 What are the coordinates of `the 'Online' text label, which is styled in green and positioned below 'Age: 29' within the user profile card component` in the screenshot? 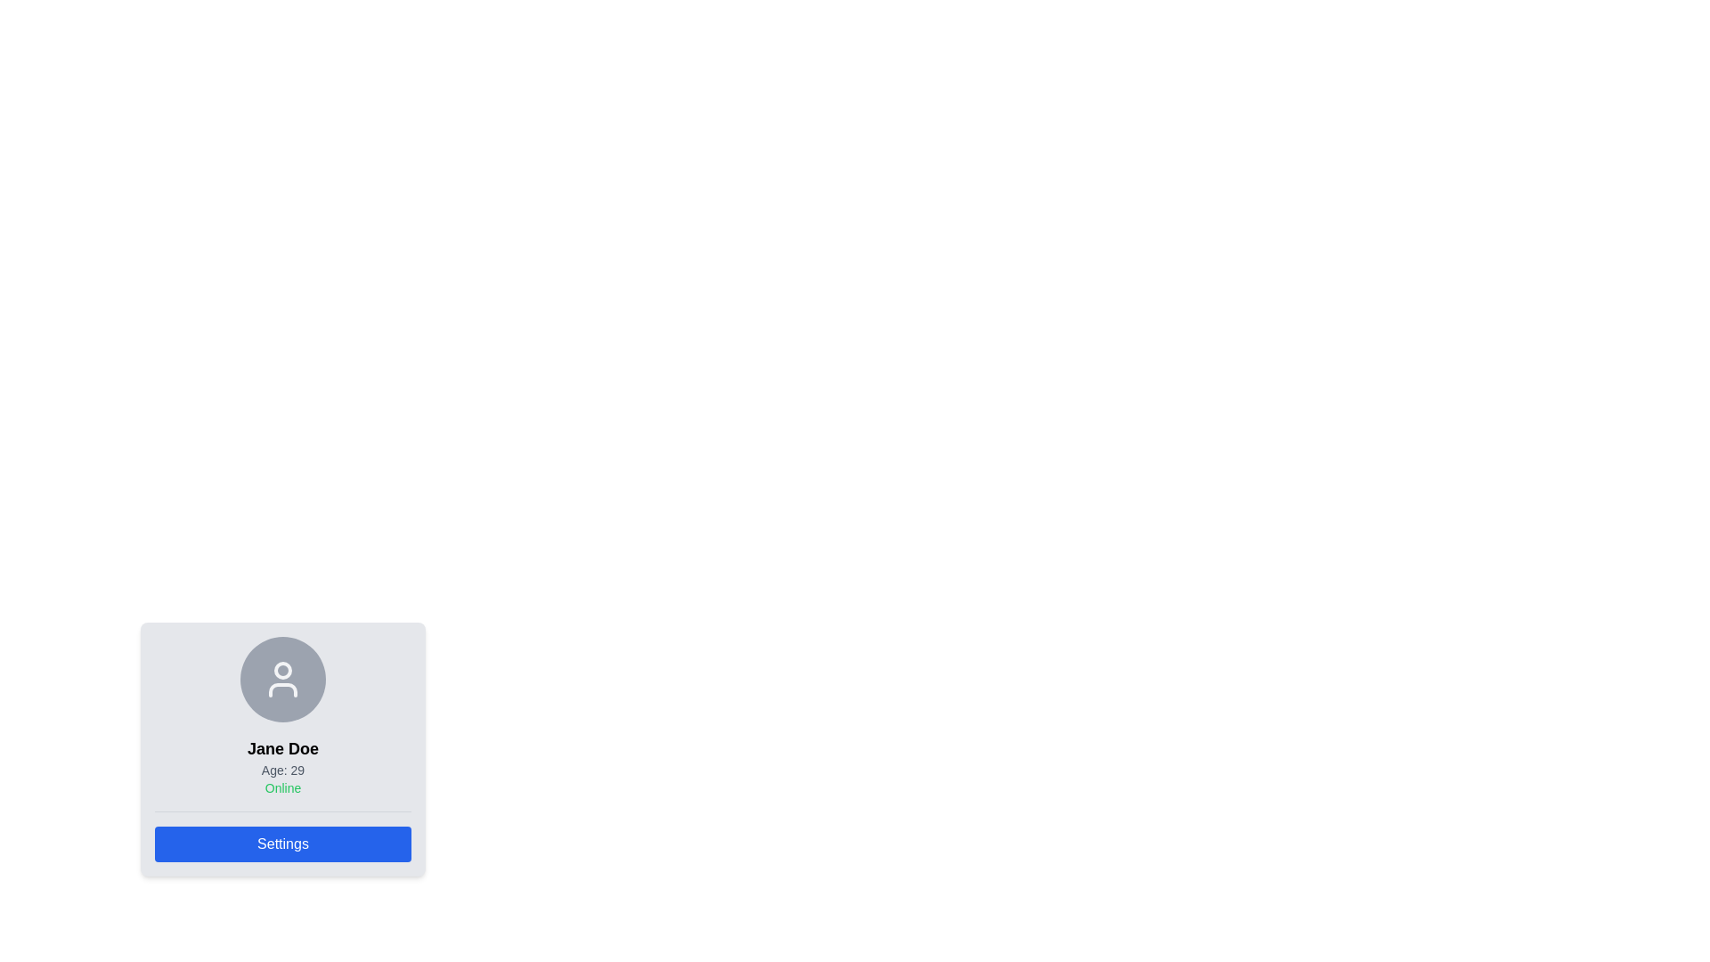 It's located at (281, 787).